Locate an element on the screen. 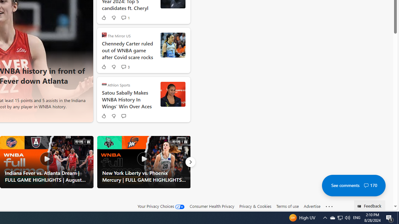 Image resolution: width=399 pixels, height=224 pixels. 'Your Privacy Choices' is located at coordinates (161, 206).